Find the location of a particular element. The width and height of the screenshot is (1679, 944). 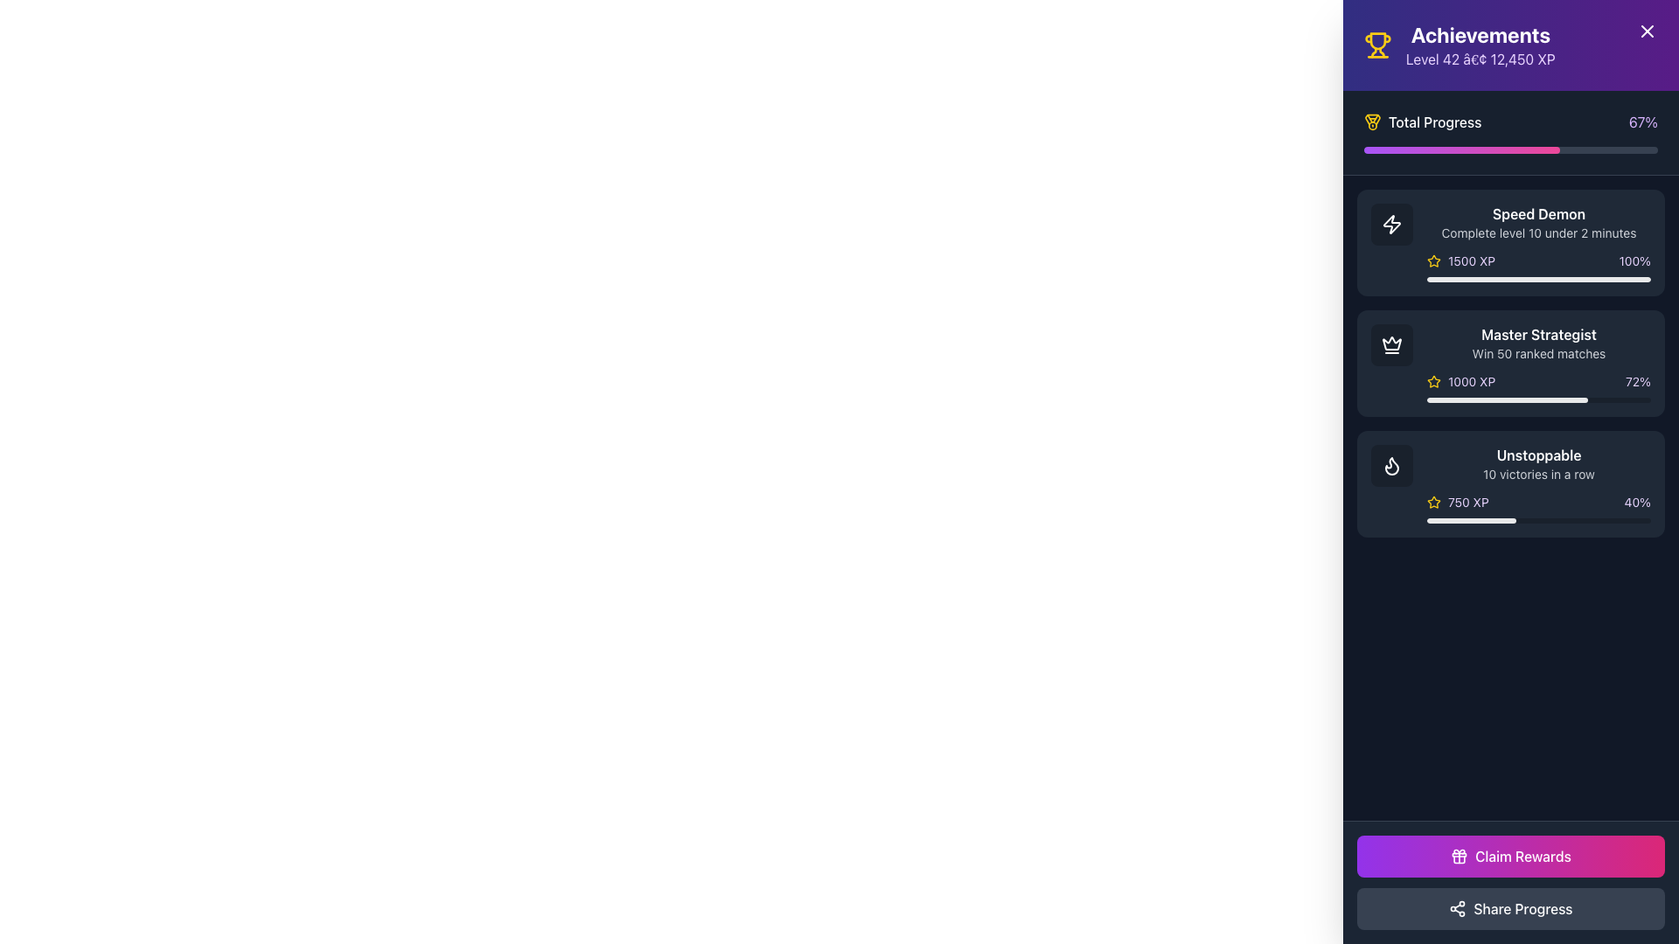

the text element that reads 'Complete level 10 under 2 minutes', which is located beneath the bold header 'Speed Demon' within the highlighted achievement card is located at coordinates (1539, 232).